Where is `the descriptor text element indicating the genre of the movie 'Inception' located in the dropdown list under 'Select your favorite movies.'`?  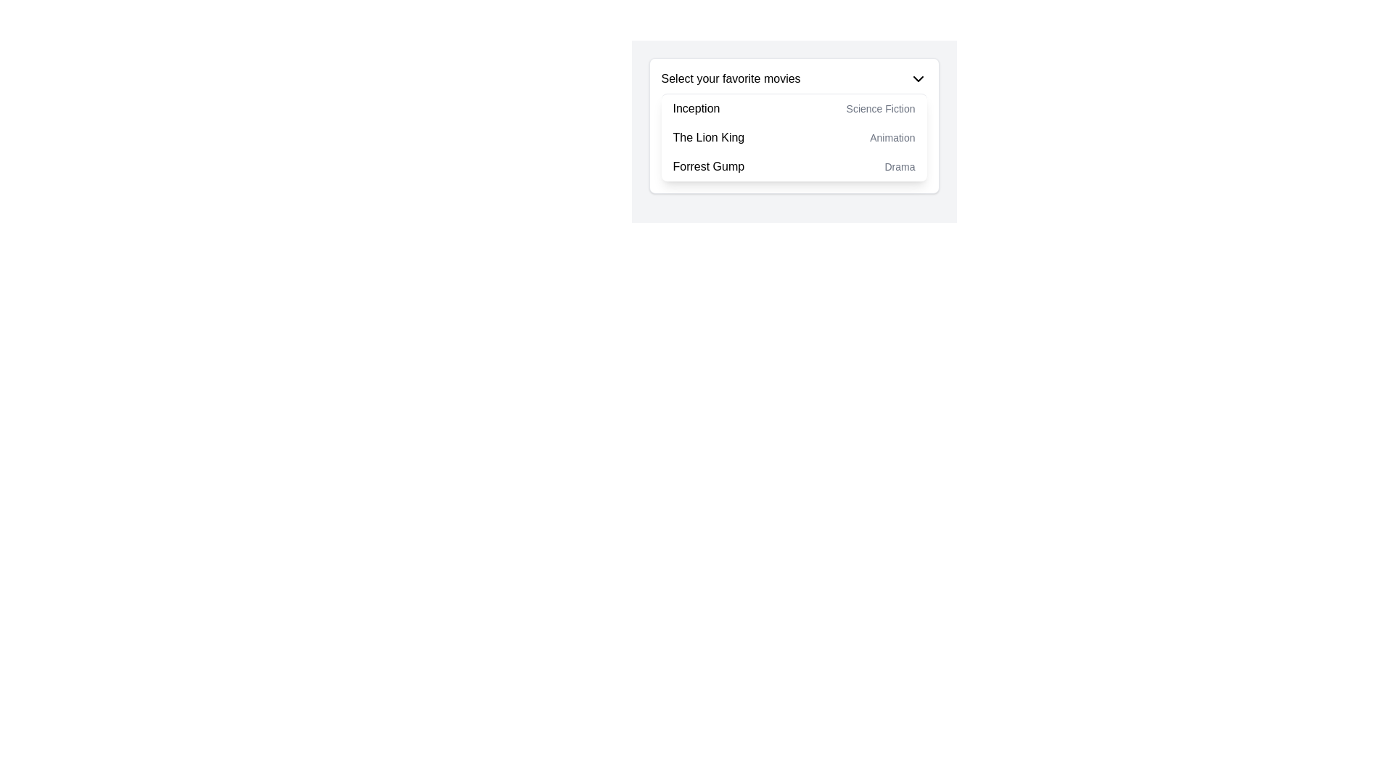
the descriptor text element indicating the genre of the movie 'Inception' located in the dropdown list under 'Select your favorite movies.' is located at coordinates (880, 108).